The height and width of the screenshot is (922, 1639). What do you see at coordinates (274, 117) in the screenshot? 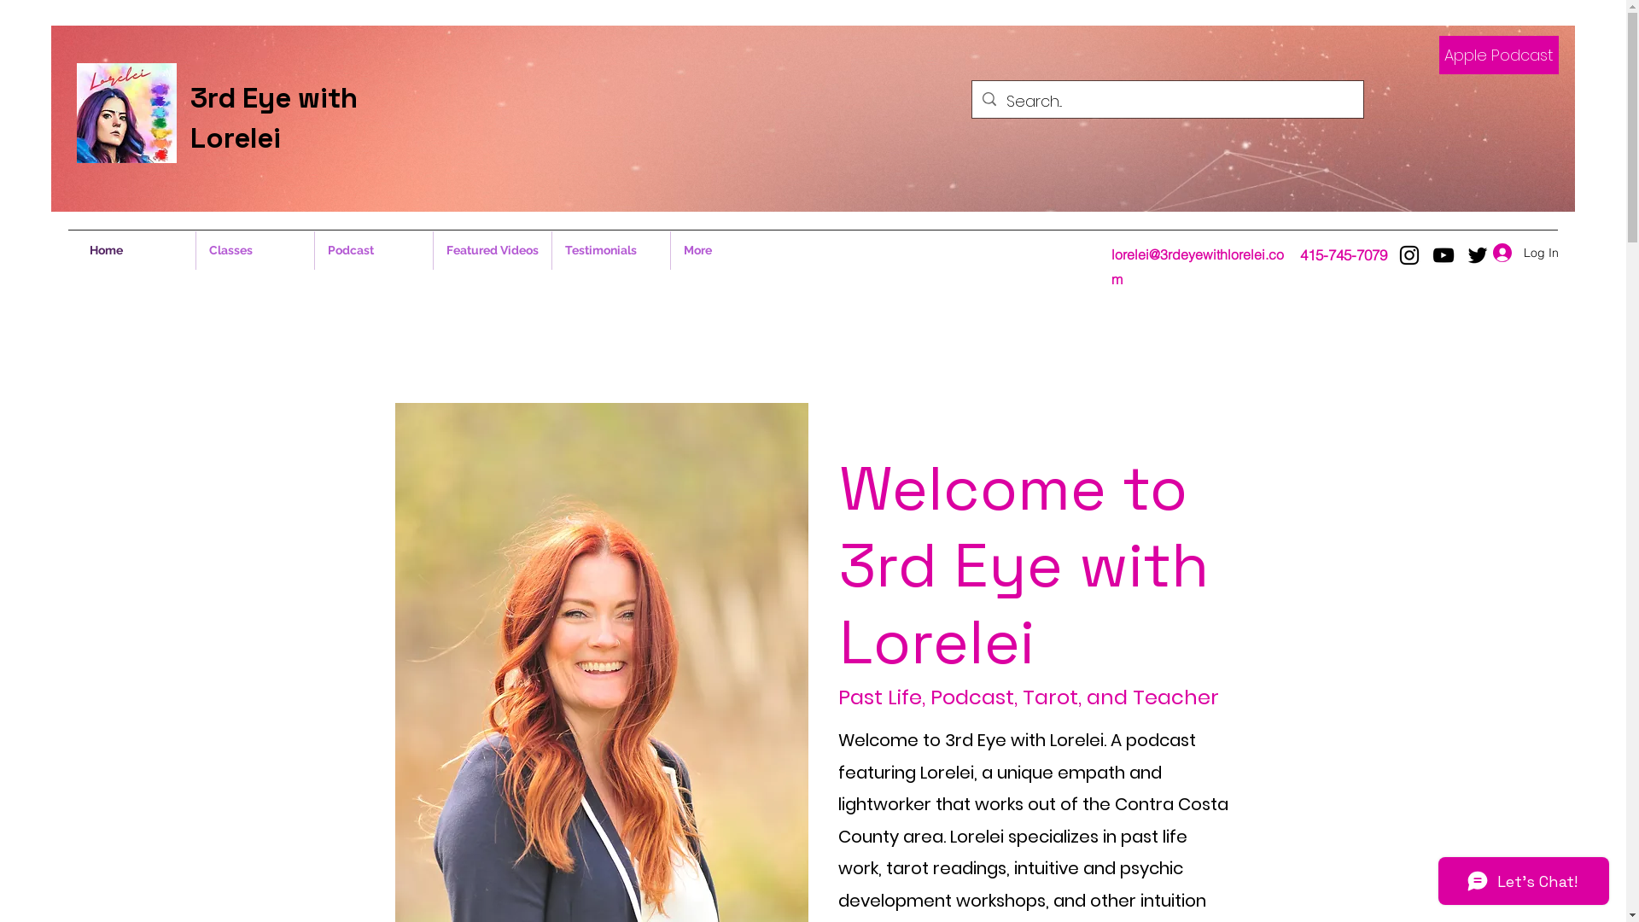
I see `'3rd Eye with Lorelei'` at bounding box center [274, 117].